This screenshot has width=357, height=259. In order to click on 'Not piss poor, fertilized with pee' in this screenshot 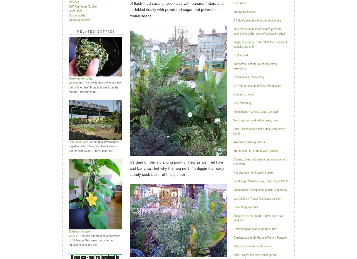, I will do `click(253, 172)`.